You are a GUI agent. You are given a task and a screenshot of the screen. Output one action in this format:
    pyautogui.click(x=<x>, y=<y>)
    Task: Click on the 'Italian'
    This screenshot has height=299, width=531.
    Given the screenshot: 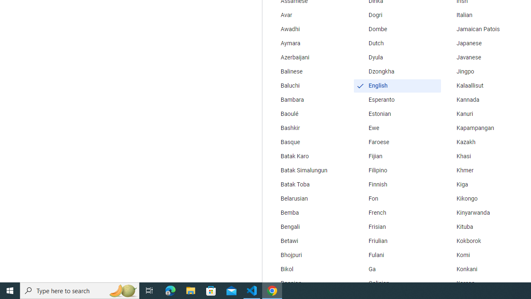 What is the action you would take?
    pyautogui.click(x=485, y=15)
    